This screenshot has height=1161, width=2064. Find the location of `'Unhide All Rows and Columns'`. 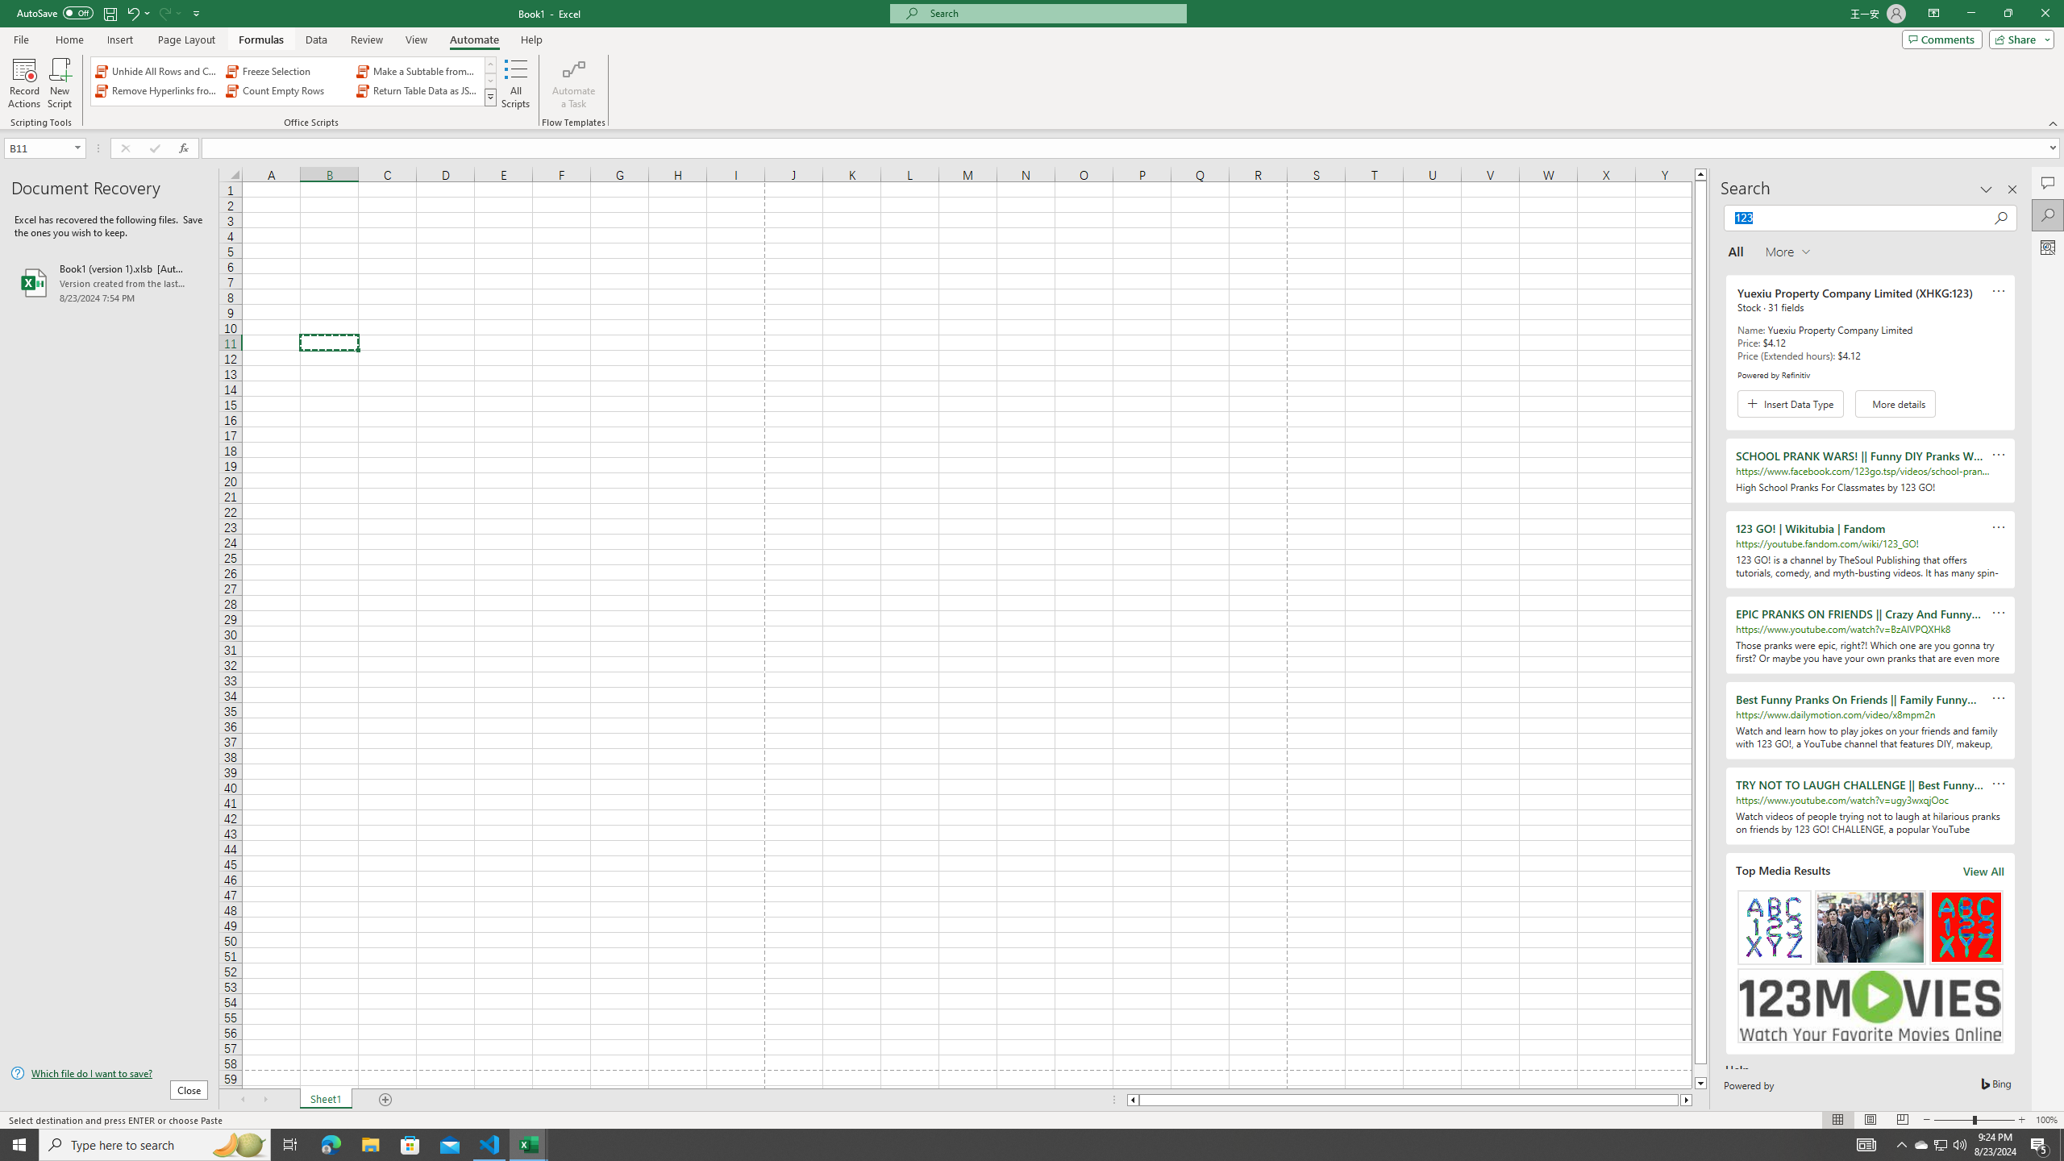

'Unhide All Rows and Columns' is located at coordinates (157, 71).